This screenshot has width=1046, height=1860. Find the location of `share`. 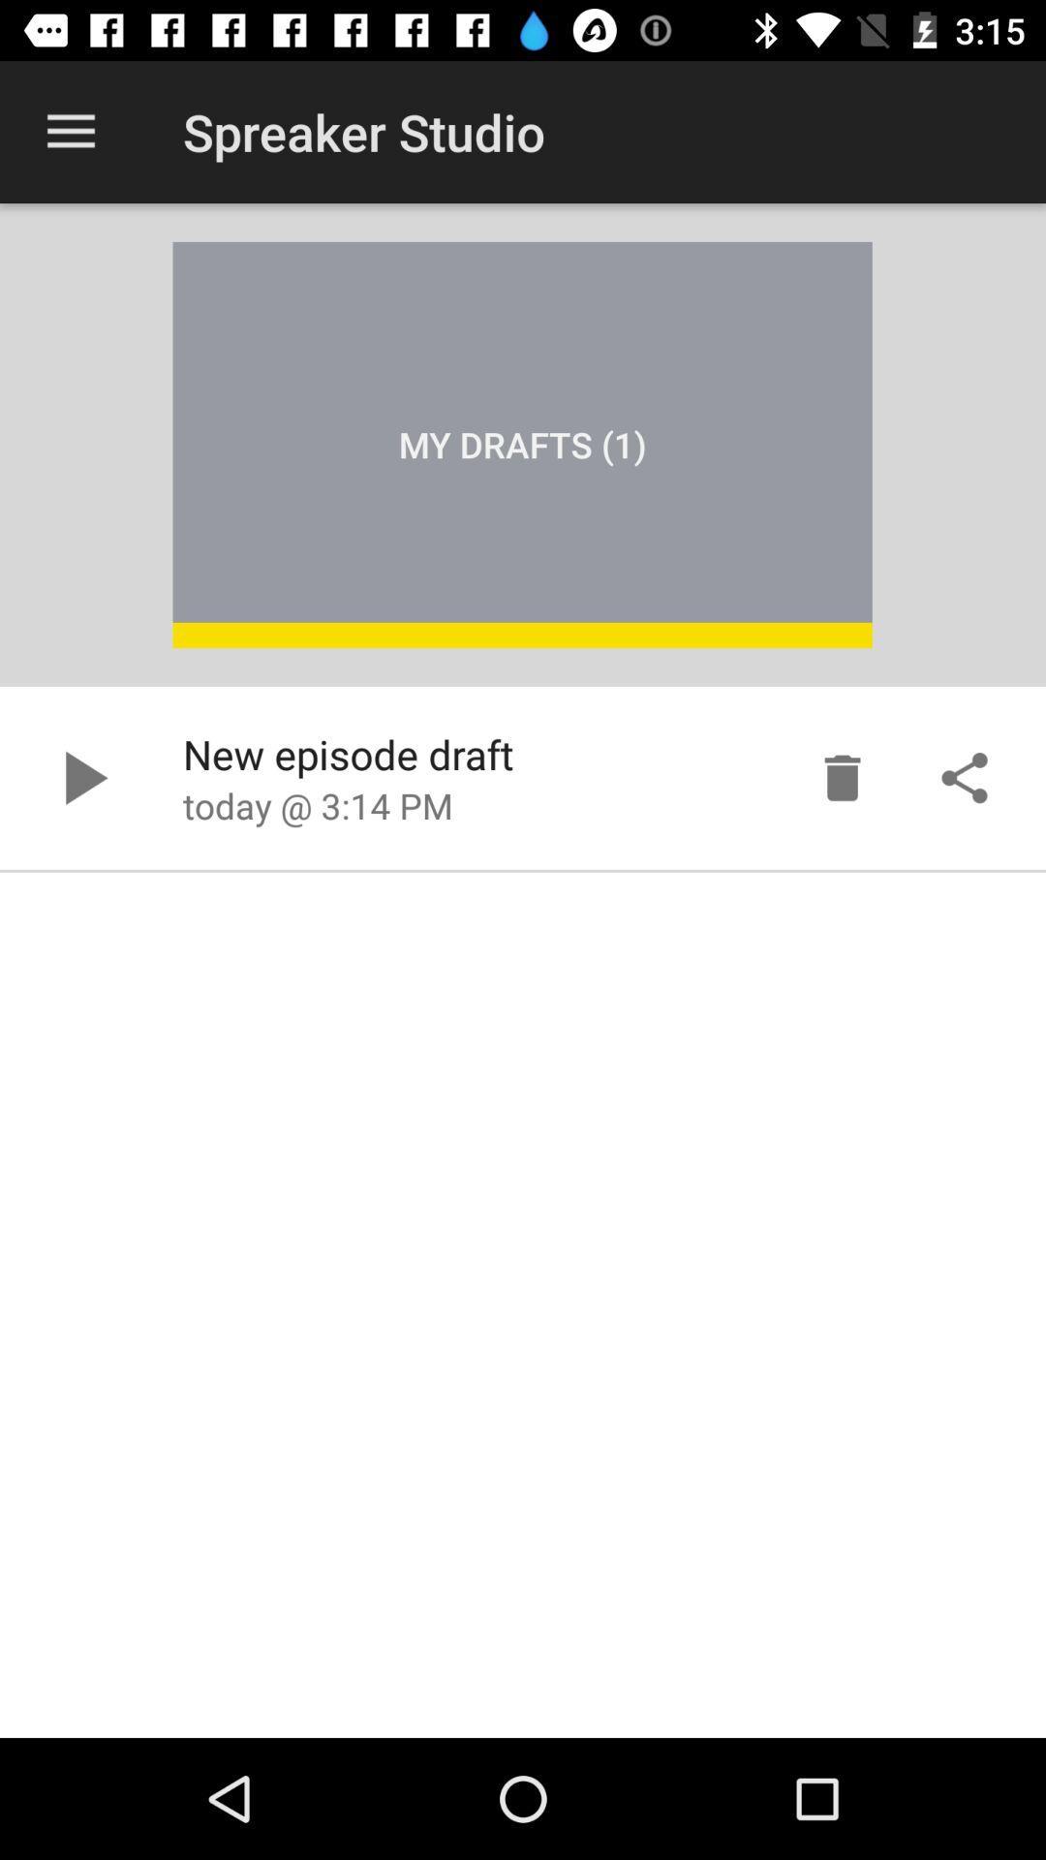

share is located at coordinates (964, 778).